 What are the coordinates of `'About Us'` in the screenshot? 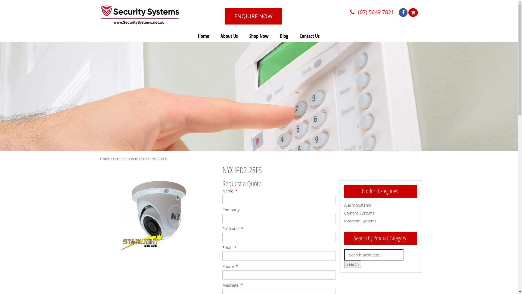 It's located at (229, 36).